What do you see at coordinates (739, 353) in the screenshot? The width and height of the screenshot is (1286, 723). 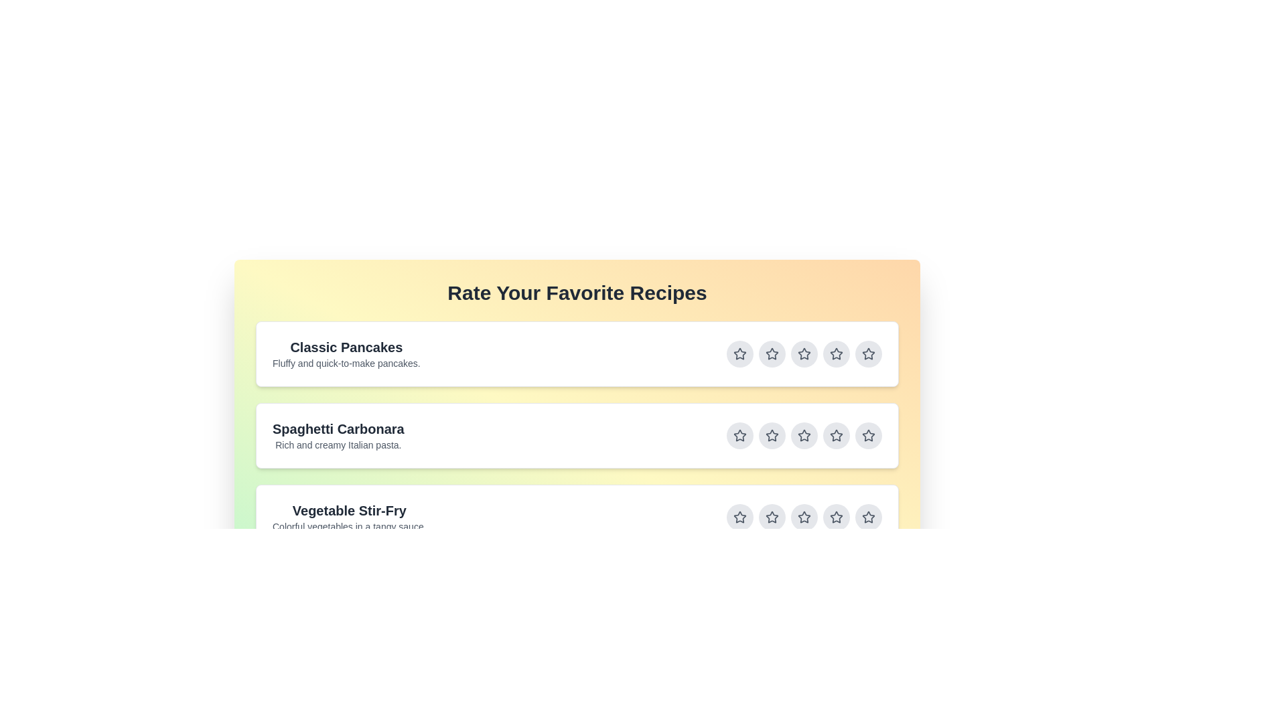 I see `the star button for rating 1 of the recipe Classic Pancakes` at bounding box center [739, 353].